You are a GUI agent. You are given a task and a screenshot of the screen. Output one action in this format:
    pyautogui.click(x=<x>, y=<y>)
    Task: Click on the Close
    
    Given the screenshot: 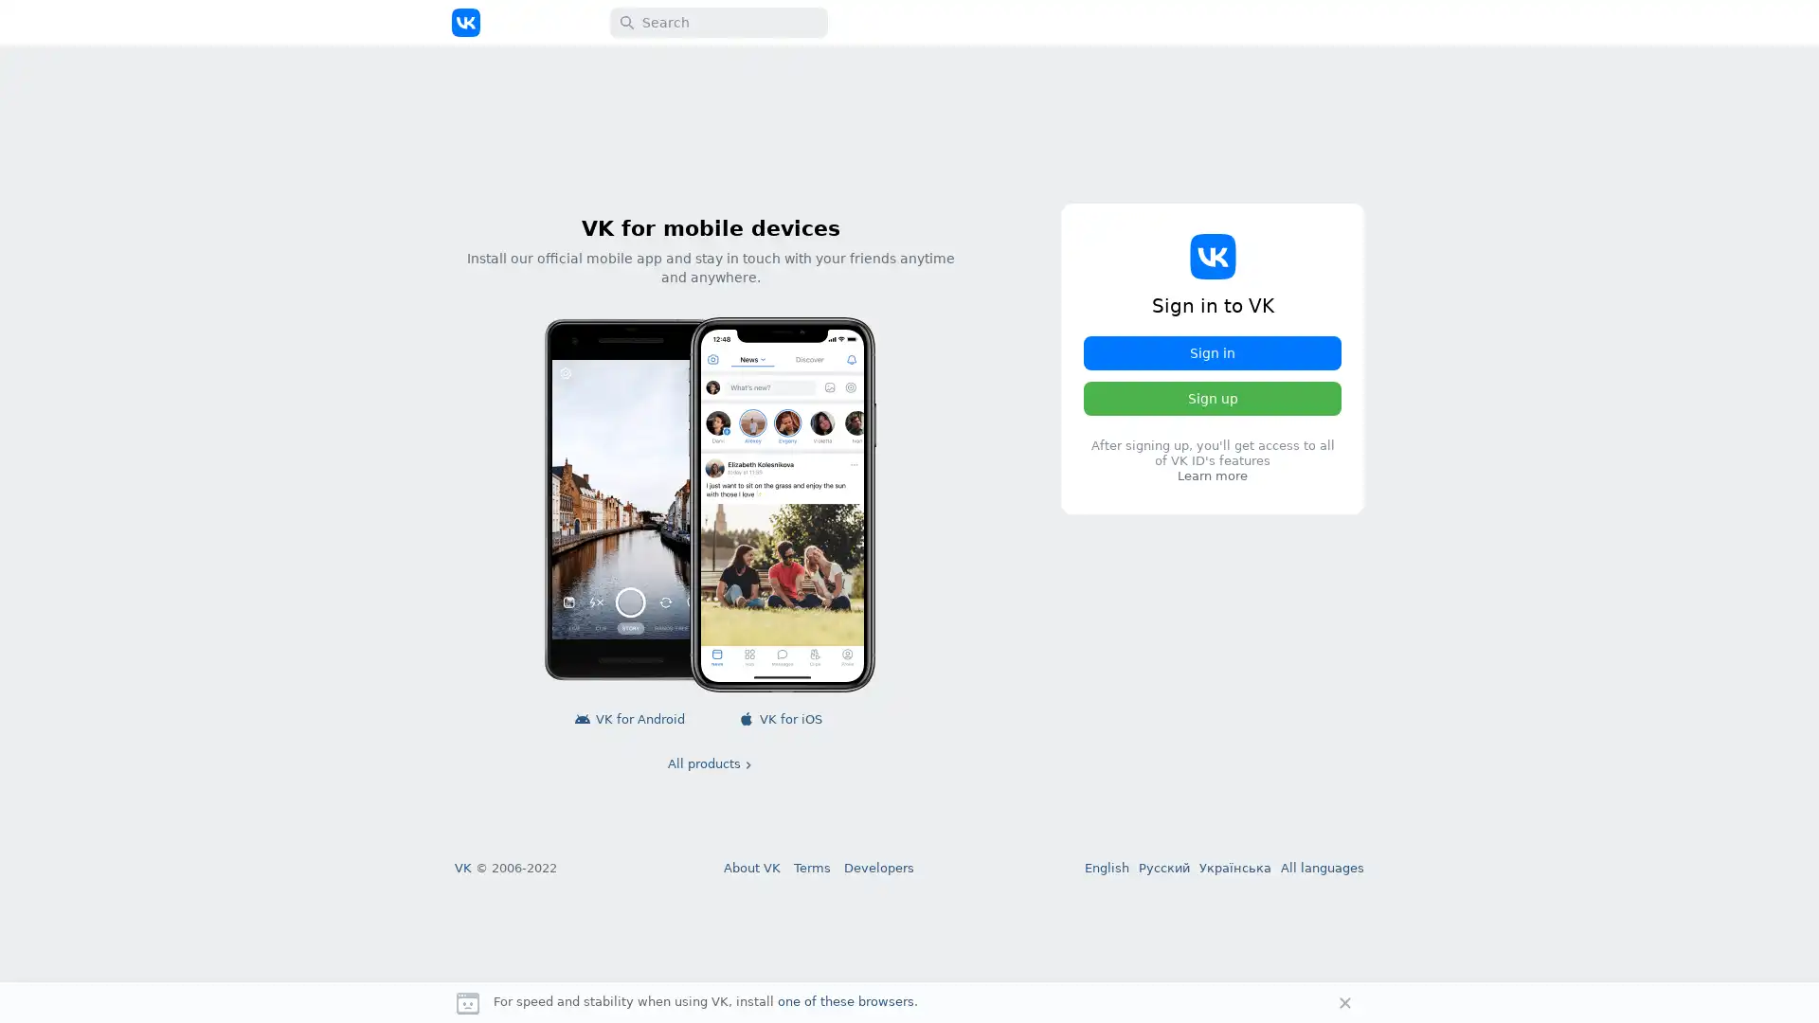 What is the action you would take?
    pyautogui.click(x=1344, y=1002)
    